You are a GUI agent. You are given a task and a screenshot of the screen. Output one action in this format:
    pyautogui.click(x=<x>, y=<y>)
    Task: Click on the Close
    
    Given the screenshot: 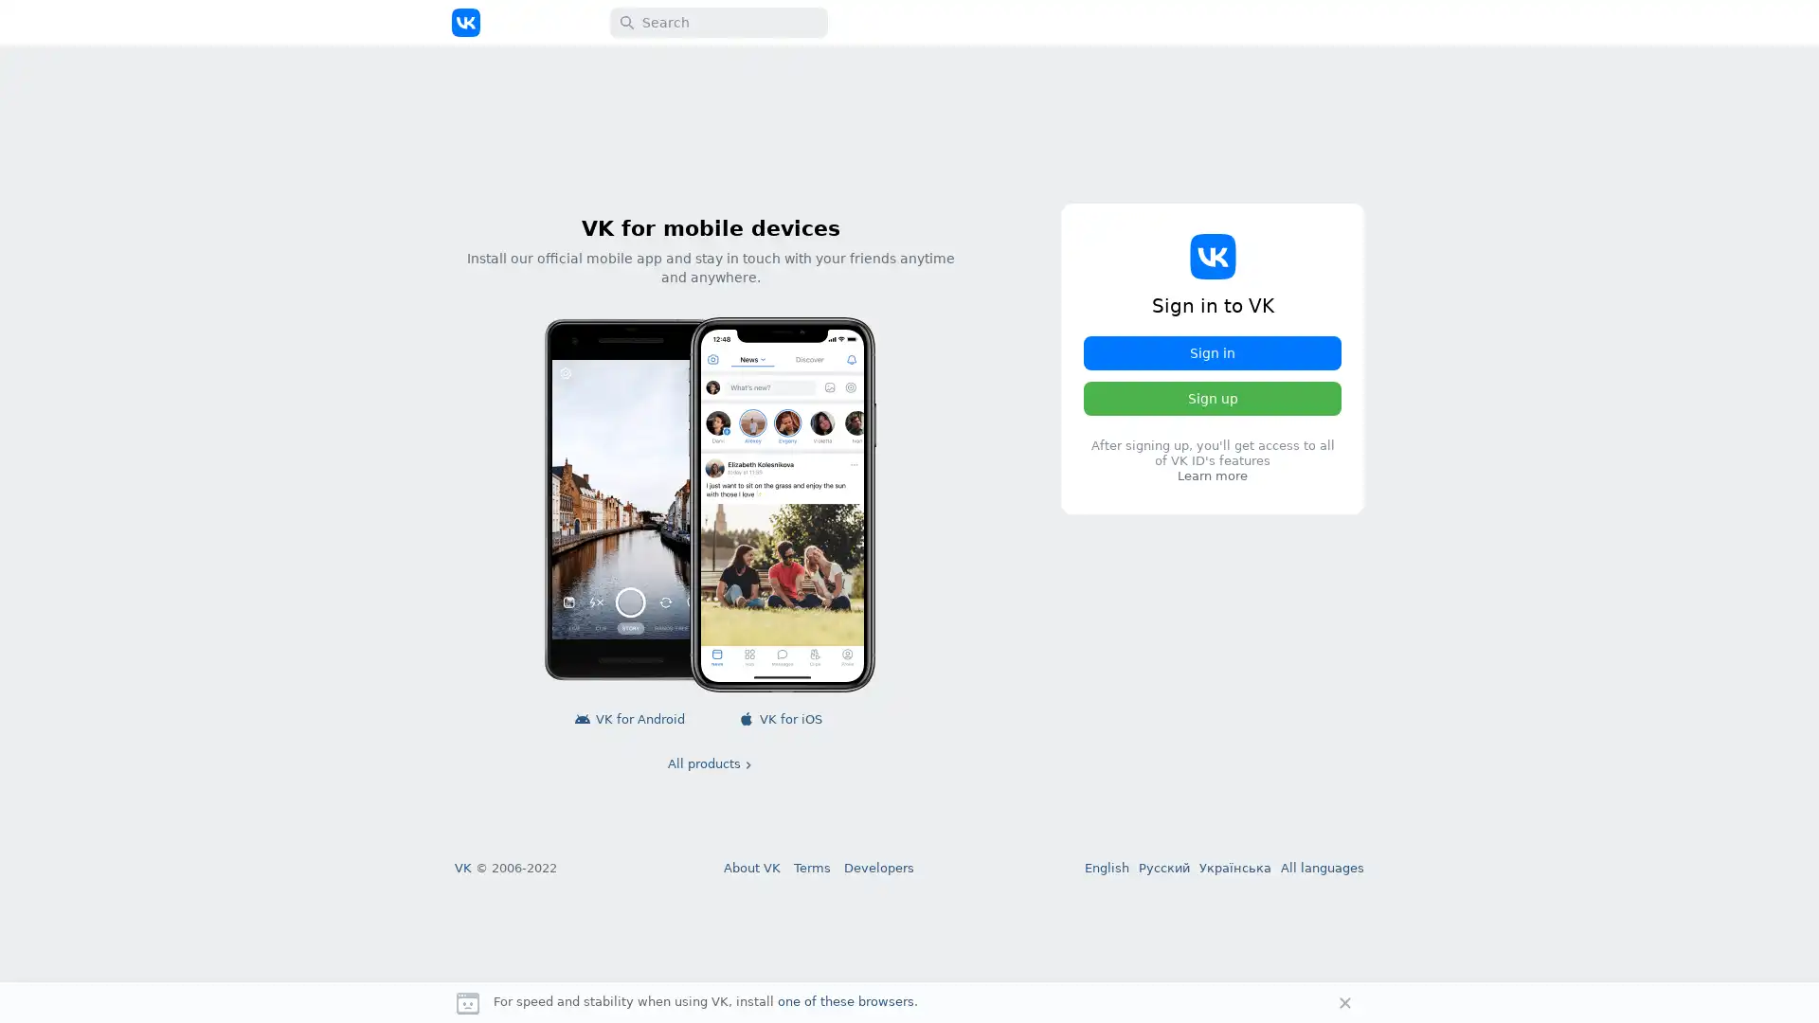 What is the action you would take?
    pyautogui.click(x=1344, y=1002)
    